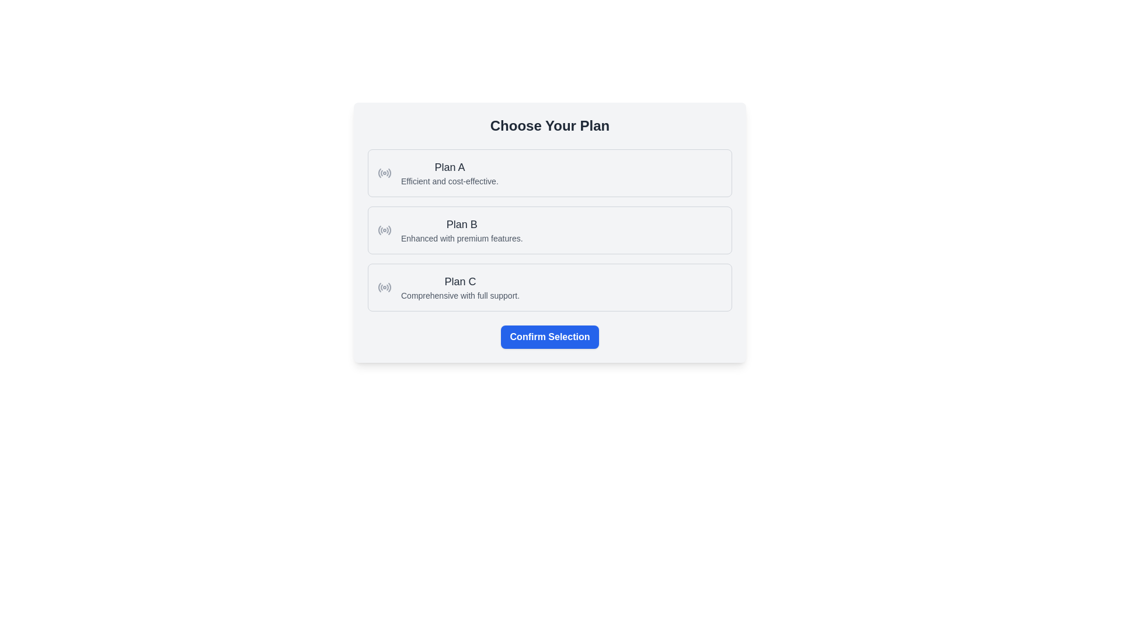  What do you see at coordinates (549, 337) in the screenshot?
I see `the confirm button at the bottom of the 'Choose Your Plan' dialog` at bounding box center [549, 337].